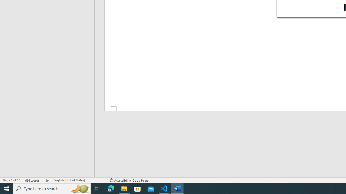  I want to click on 'Microsoft Store', so click(138, 188).